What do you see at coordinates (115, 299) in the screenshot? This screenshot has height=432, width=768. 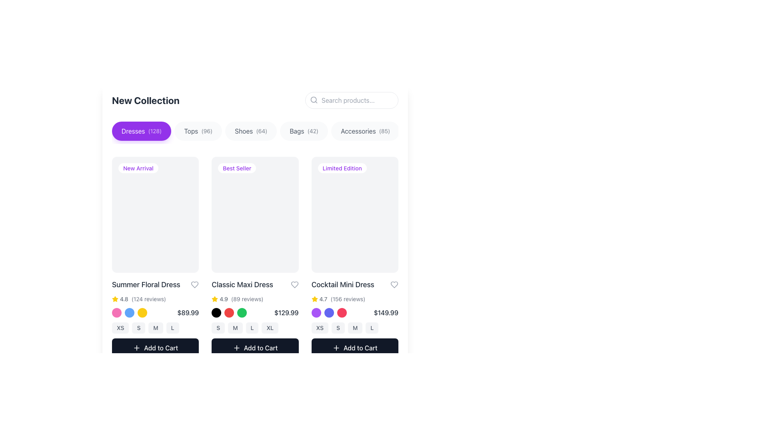 I see `the yellow star rating icon that represents a rating for the product 'Summer Floral Dress', which is positioned to the left of the numeric rating value '4.8'` at bounding box center [115, 299].